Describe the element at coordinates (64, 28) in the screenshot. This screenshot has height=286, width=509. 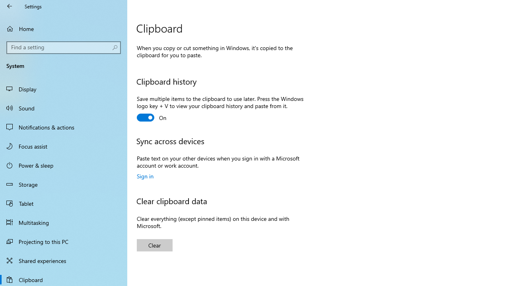
I see `'Home'` at that location.